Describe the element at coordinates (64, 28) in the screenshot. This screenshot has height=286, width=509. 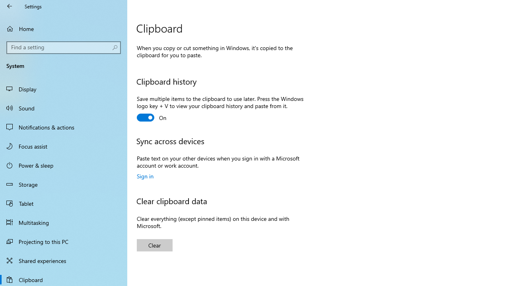
I see `'Home'` at that location.